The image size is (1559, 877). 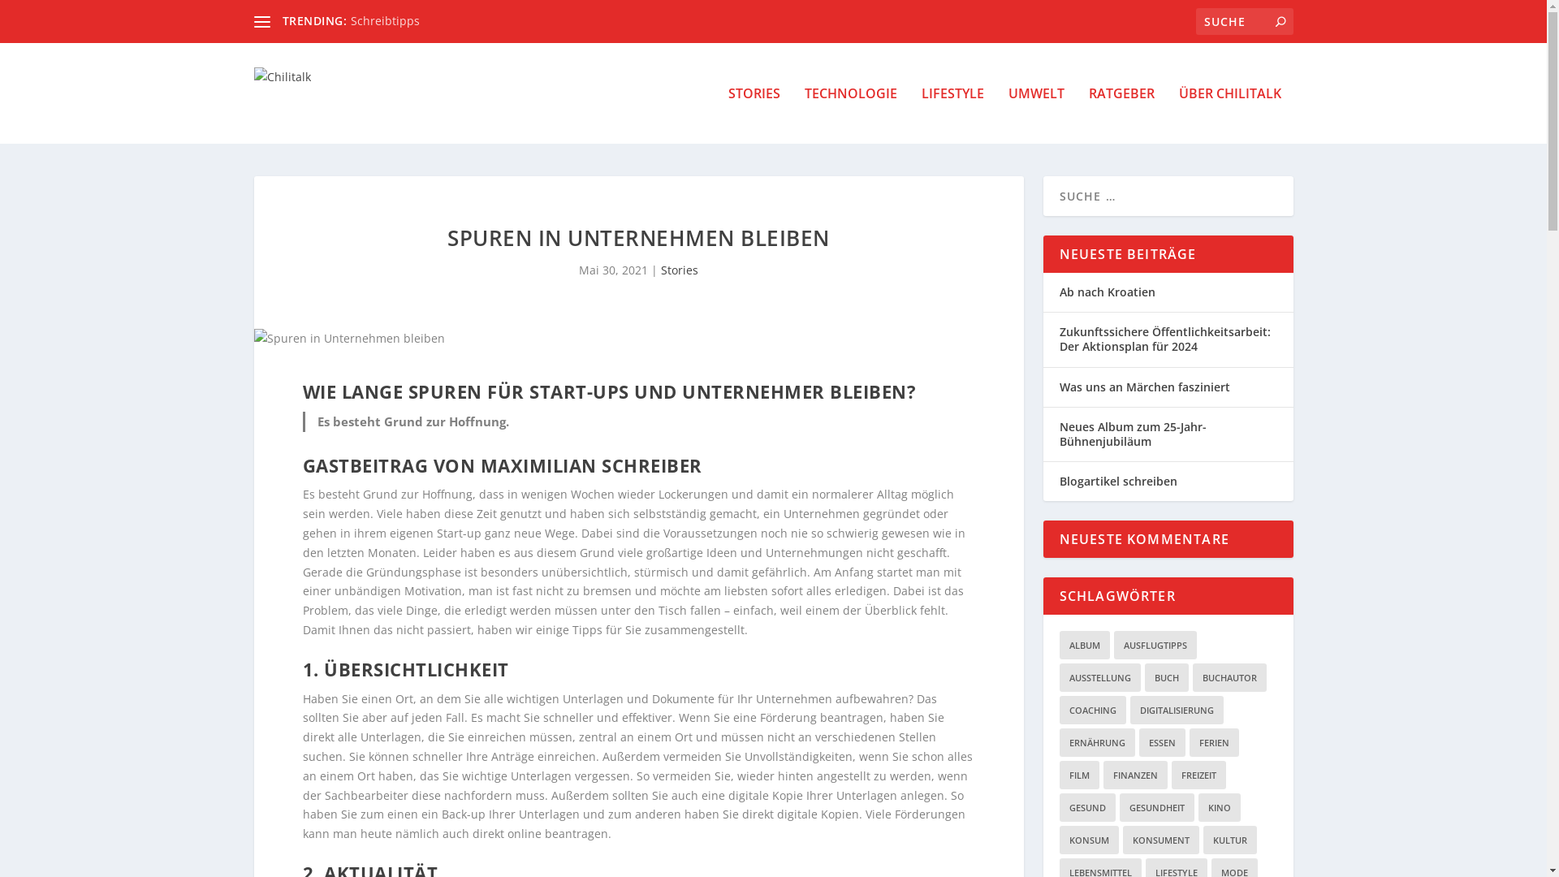 What do you see at coordinates (1134, 774) in the screenshot?
I see `'FINANZEN'` at bounding box center [1134, 774].